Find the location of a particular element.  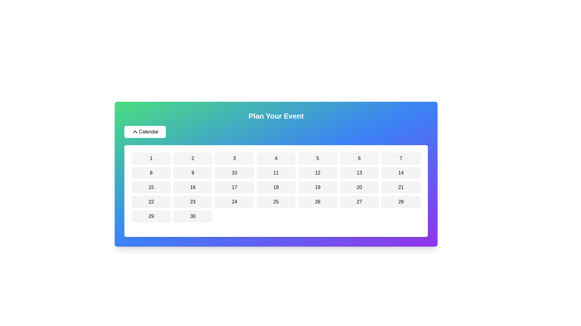

the text label indicating the section for planning an event, which is positioned at the top and centered horizontally above the 'Calendar' button is located at coordinates (276, 116).